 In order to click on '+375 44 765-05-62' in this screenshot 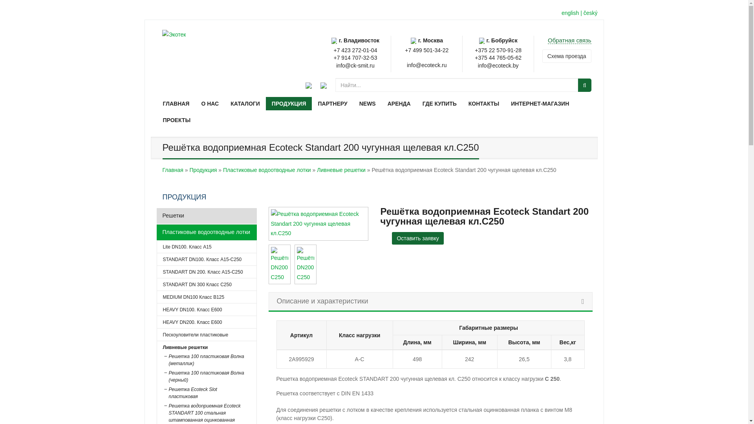, I will do `click(474, 57)`.